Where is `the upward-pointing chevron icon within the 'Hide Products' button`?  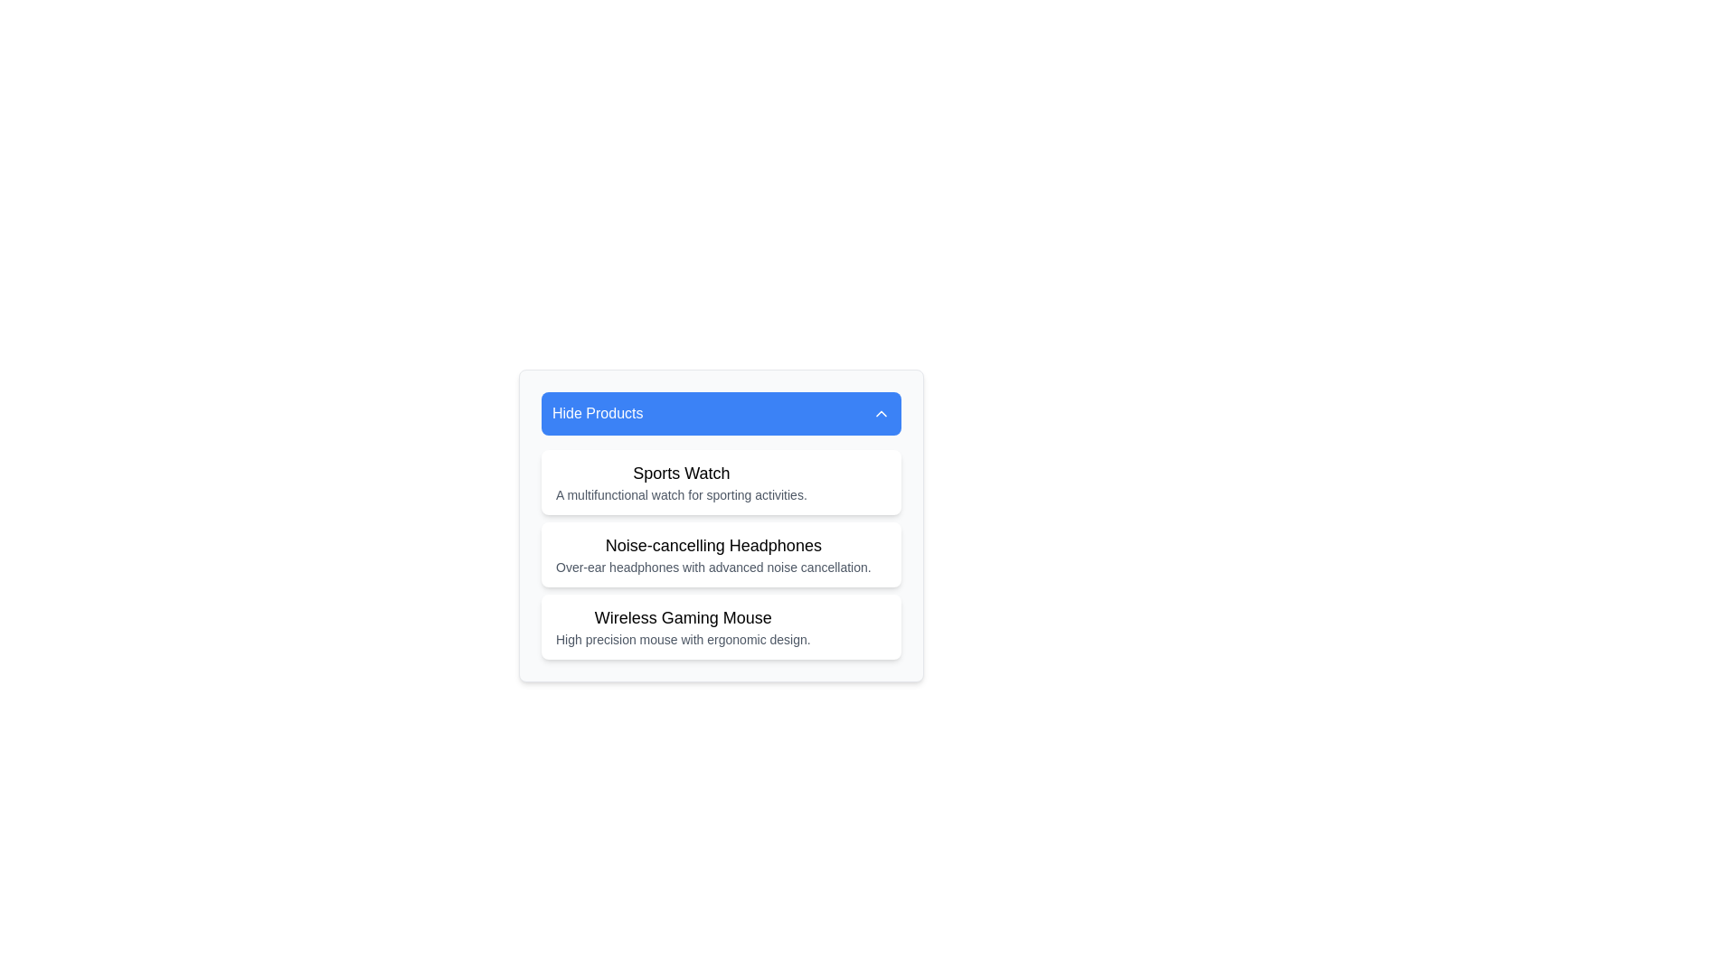 the upward-pointing chevron icon within the 'Hide Products' button is located at coordinates (881, 414).